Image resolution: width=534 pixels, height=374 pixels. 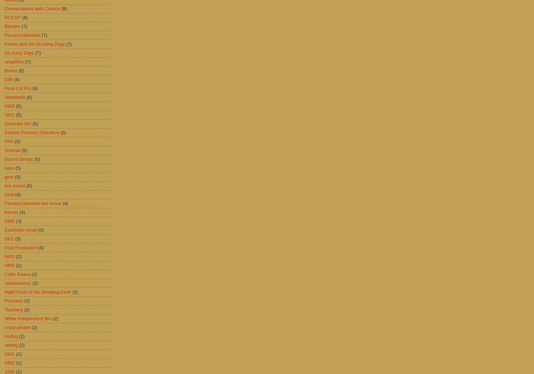 I want to click on '0905', so click(x=4, y=265).